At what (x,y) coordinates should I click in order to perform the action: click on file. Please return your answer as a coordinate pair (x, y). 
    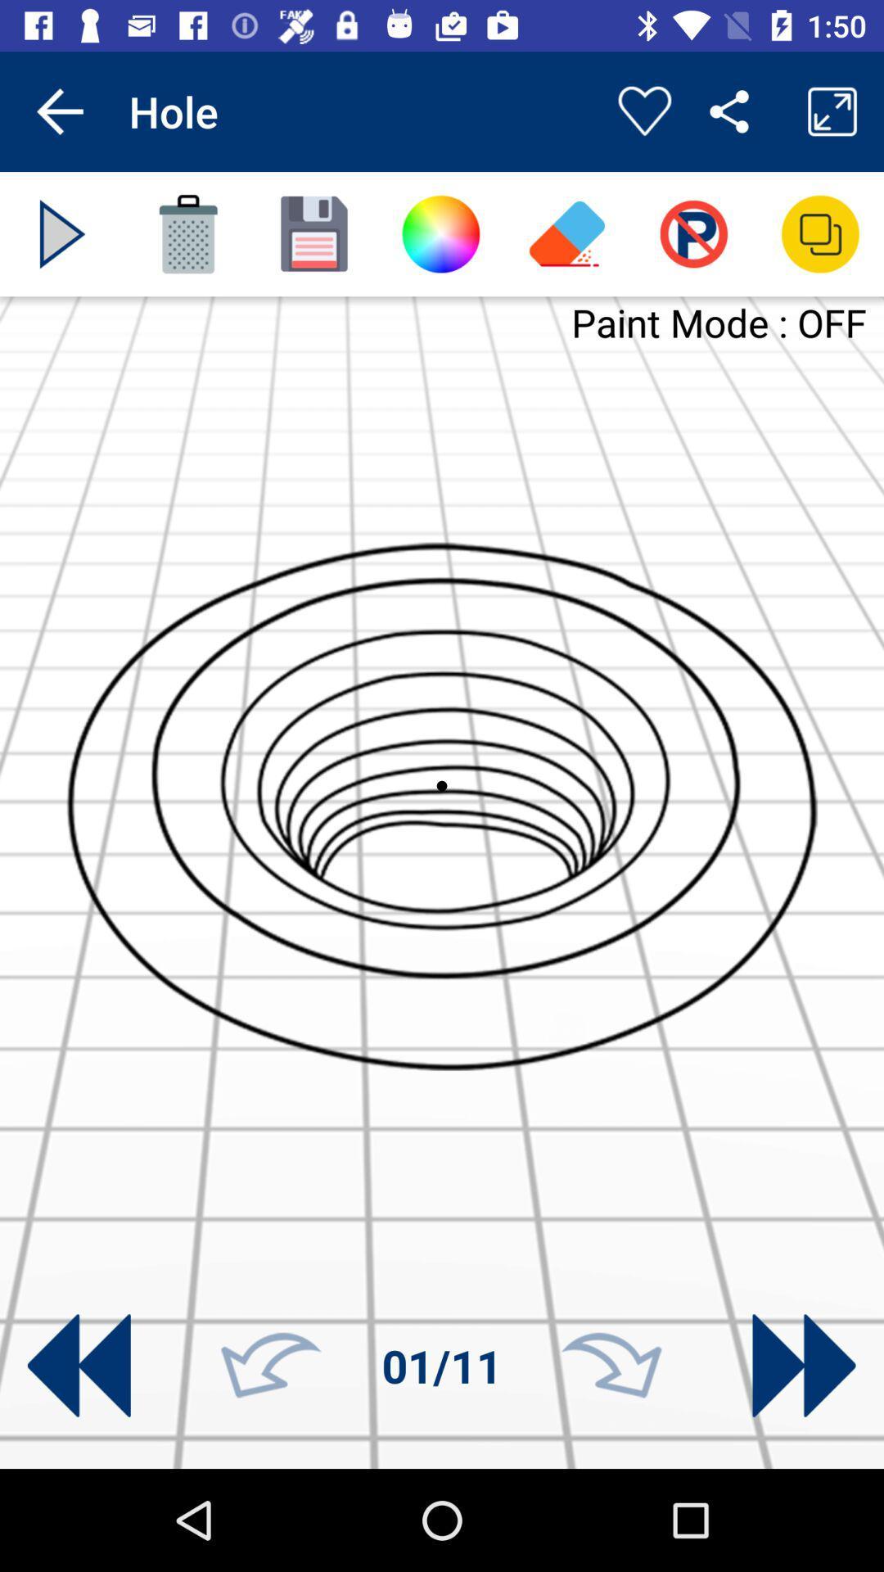
    Looking at the image, I should click on (314, 233).